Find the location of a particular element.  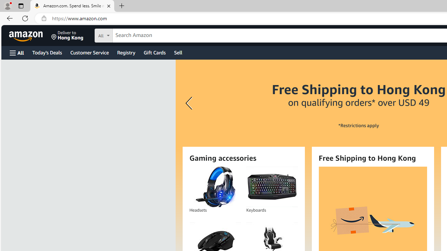

'Previous slide' is located at coordinates (190, 103).